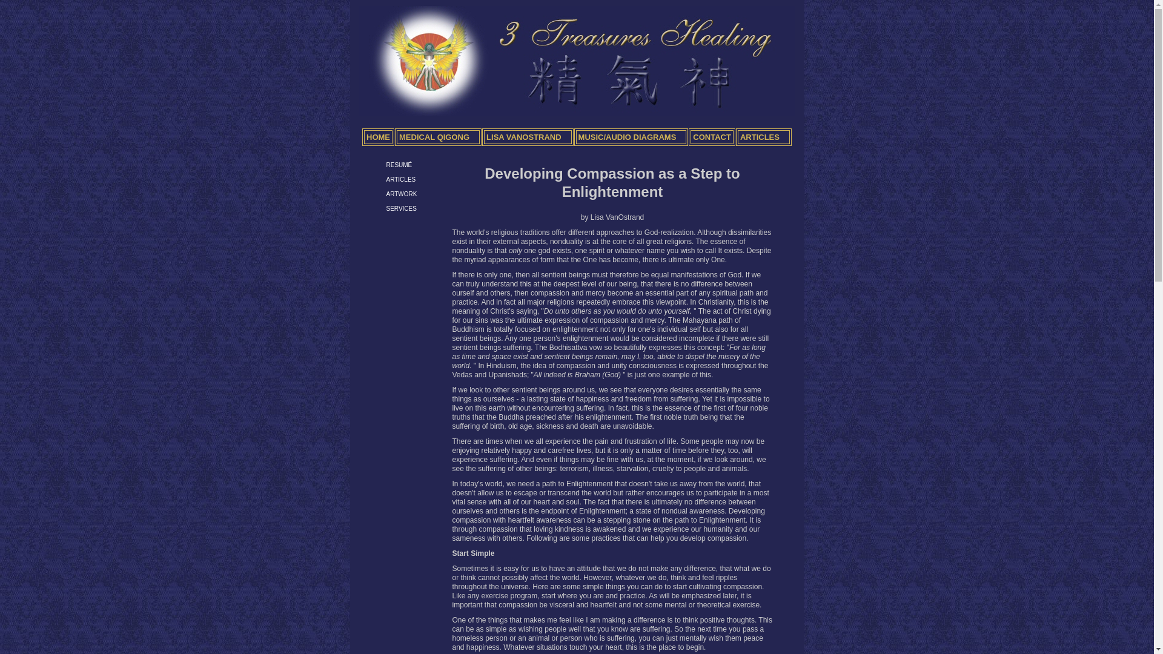  I want to click on 'CONTACT', so click(712, 136).